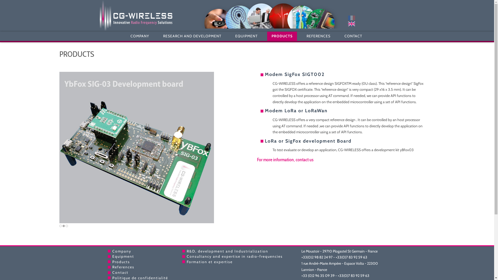  Describe the element at coordinates (62, 226) in the screenshot. I see `'2'` at that location.